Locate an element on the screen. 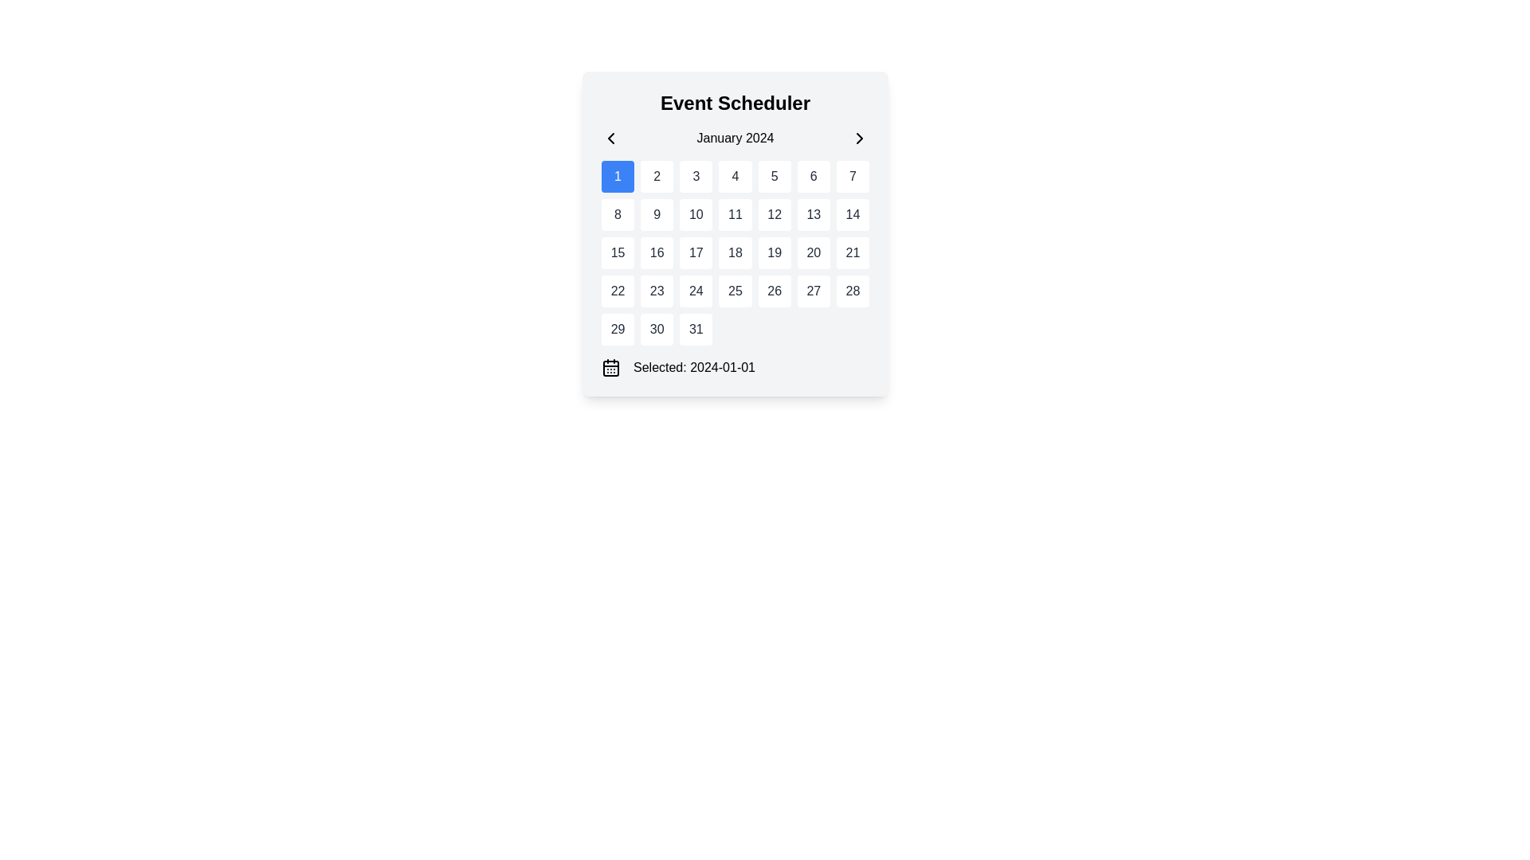  the calendar date cell displaying the number '15', which is located in the third row and first column of the calendar grid is located at coordinates (617, 252).